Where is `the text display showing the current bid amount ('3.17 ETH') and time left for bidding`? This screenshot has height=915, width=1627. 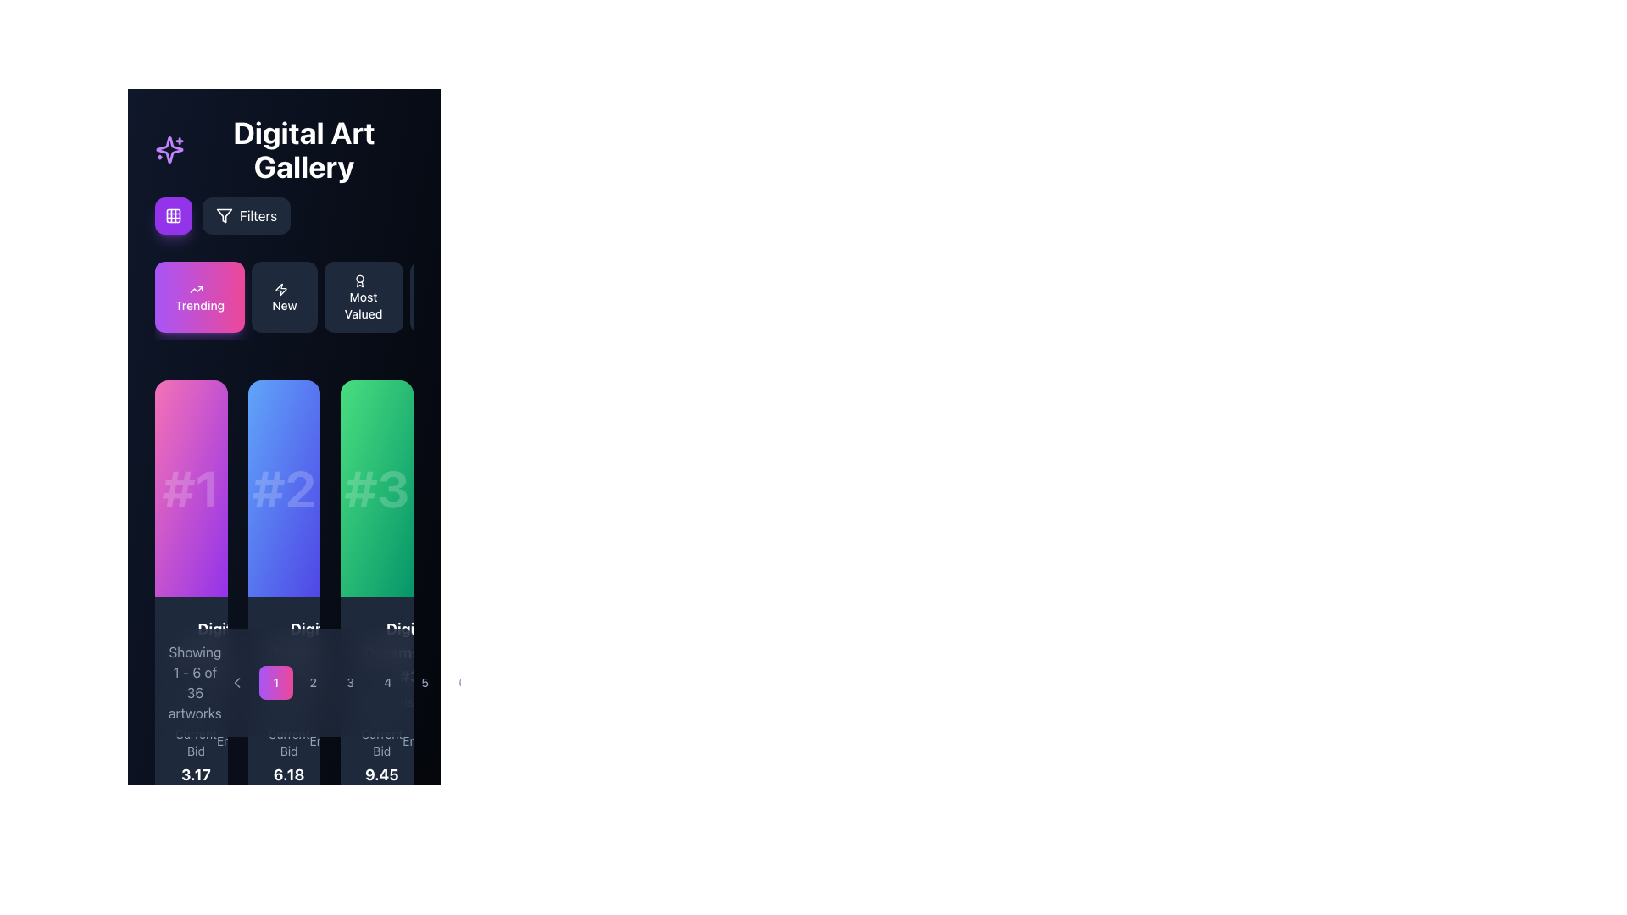 the text display showing the current bid amount ('3.17 ETH') and time left for bidding is located at coordinates (191, 768).